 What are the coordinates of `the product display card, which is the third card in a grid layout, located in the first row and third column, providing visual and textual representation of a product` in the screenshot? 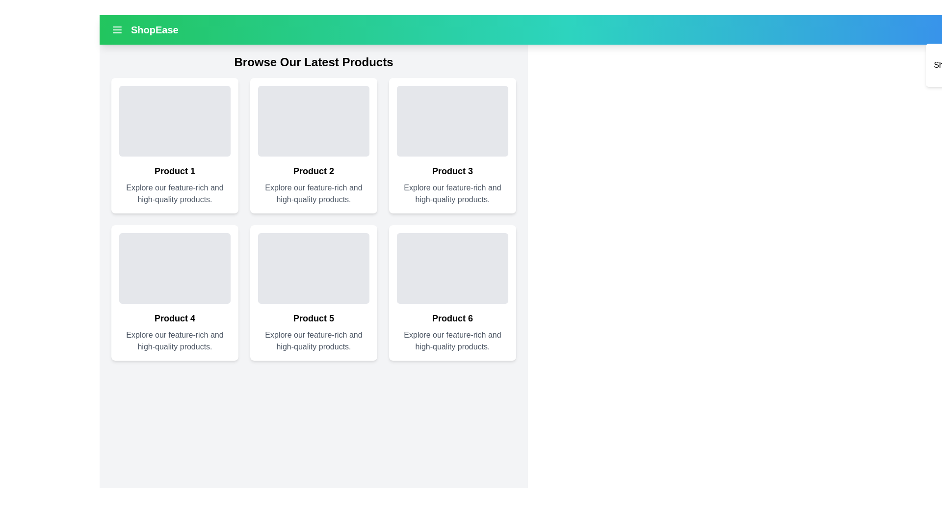 It's located at (452, 146).